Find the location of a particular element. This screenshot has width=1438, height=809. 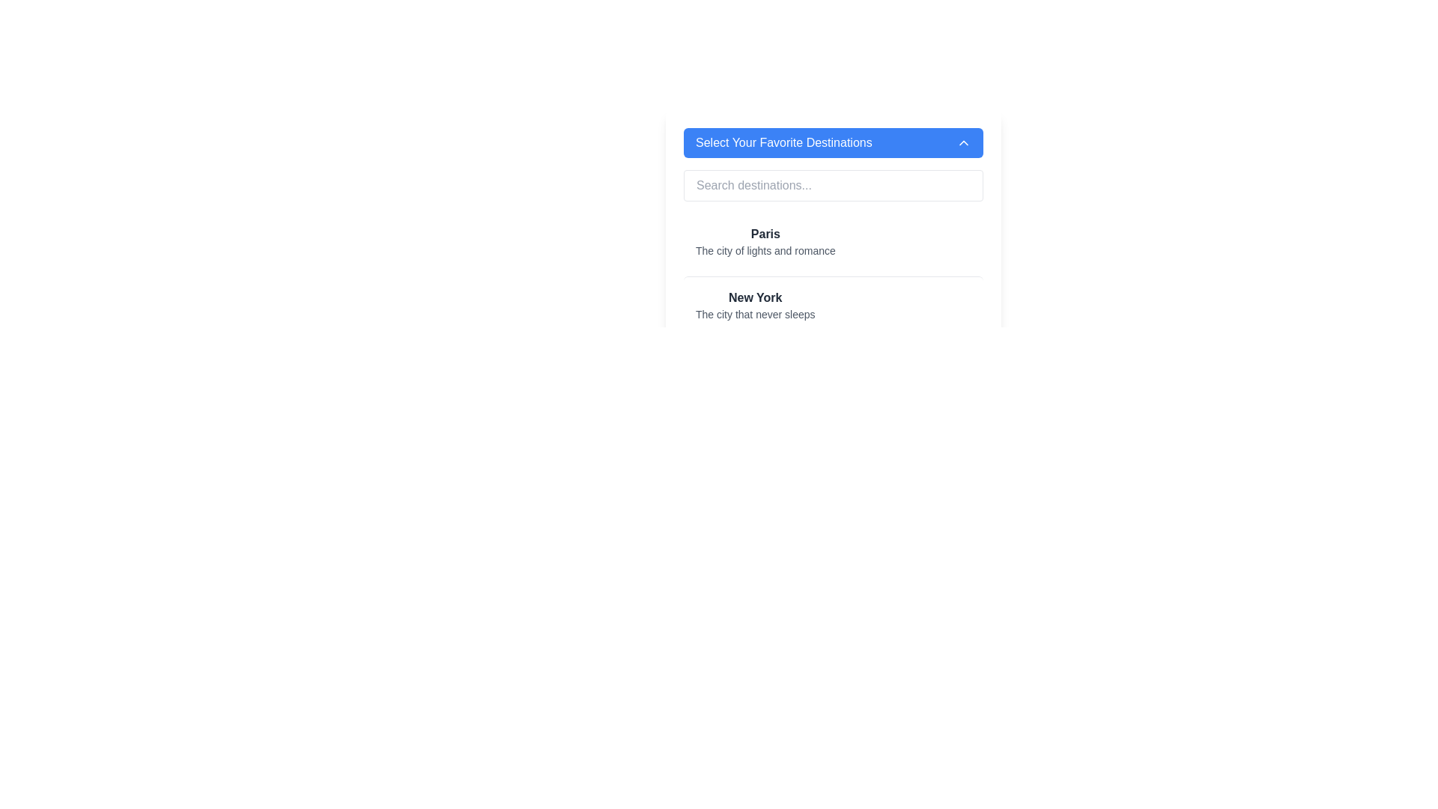

the non-interactive Text Label providing context about 'Paris', which is centrally located below the title 'Paris' is located at coordinates (765, 250).